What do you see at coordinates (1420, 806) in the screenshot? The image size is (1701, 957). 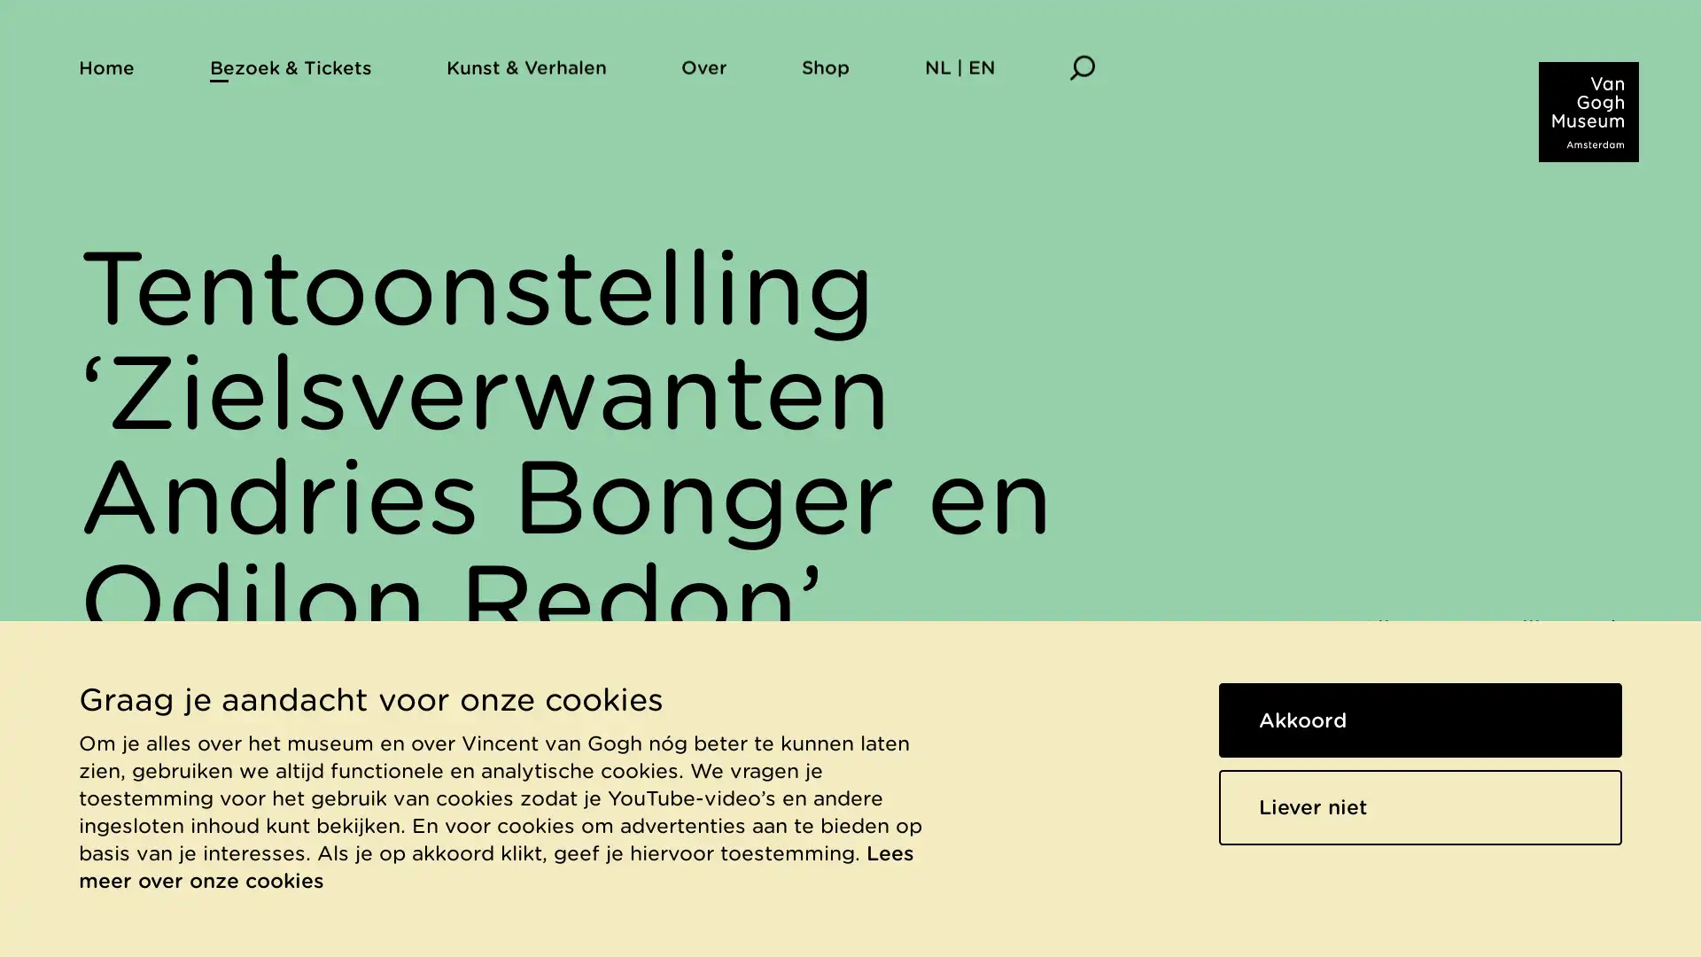 I see `Liever niet` at bounding box center [1420, 806].